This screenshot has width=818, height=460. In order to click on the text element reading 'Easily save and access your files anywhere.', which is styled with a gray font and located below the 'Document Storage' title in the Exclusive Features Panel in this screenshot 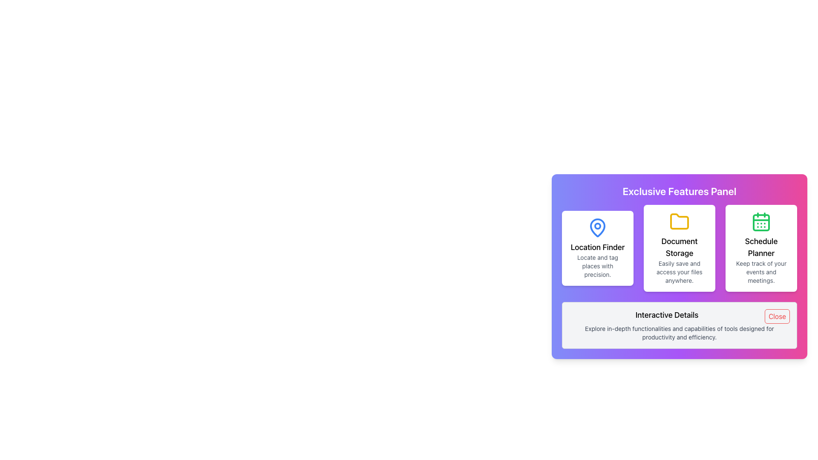, I will do `click(679, 272)`.